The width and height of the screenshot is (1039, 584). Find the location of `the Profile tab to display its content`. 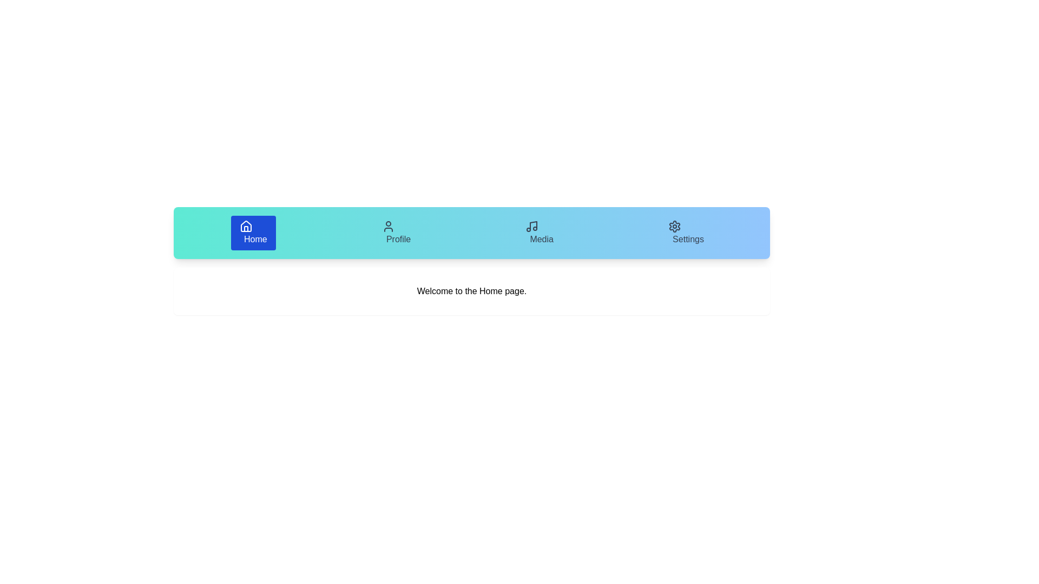

the Profile tab to display its content is located at coordinates (395, 233).